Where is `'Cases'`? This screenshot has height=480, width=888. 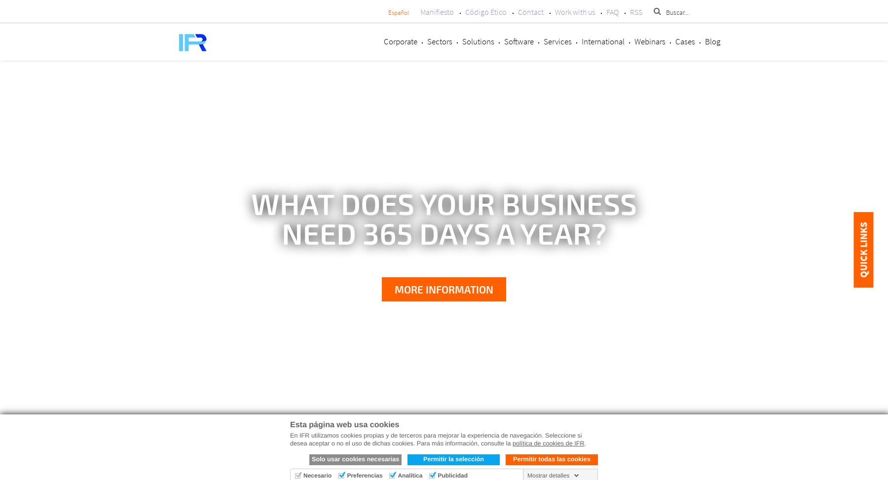 'Cases' is located at coordinates (675, 40).